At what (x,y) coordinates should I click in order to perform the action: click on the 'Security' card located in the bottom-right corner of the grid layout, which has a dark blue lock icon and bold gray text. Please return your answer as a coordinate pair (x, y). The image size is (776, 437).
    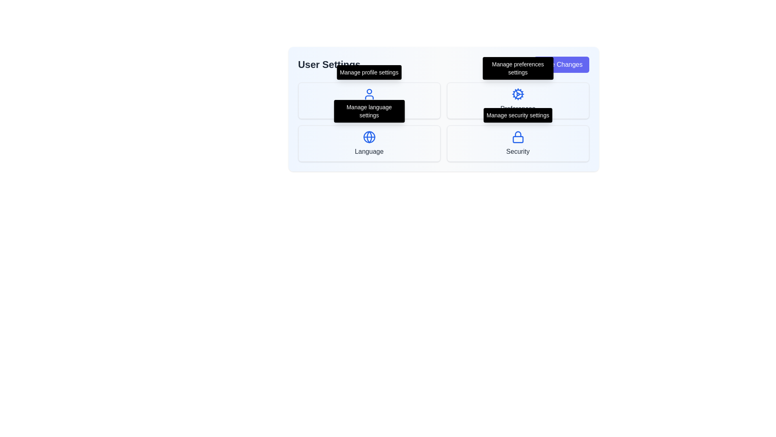
    Looking at the image, I should click on (518, 143).